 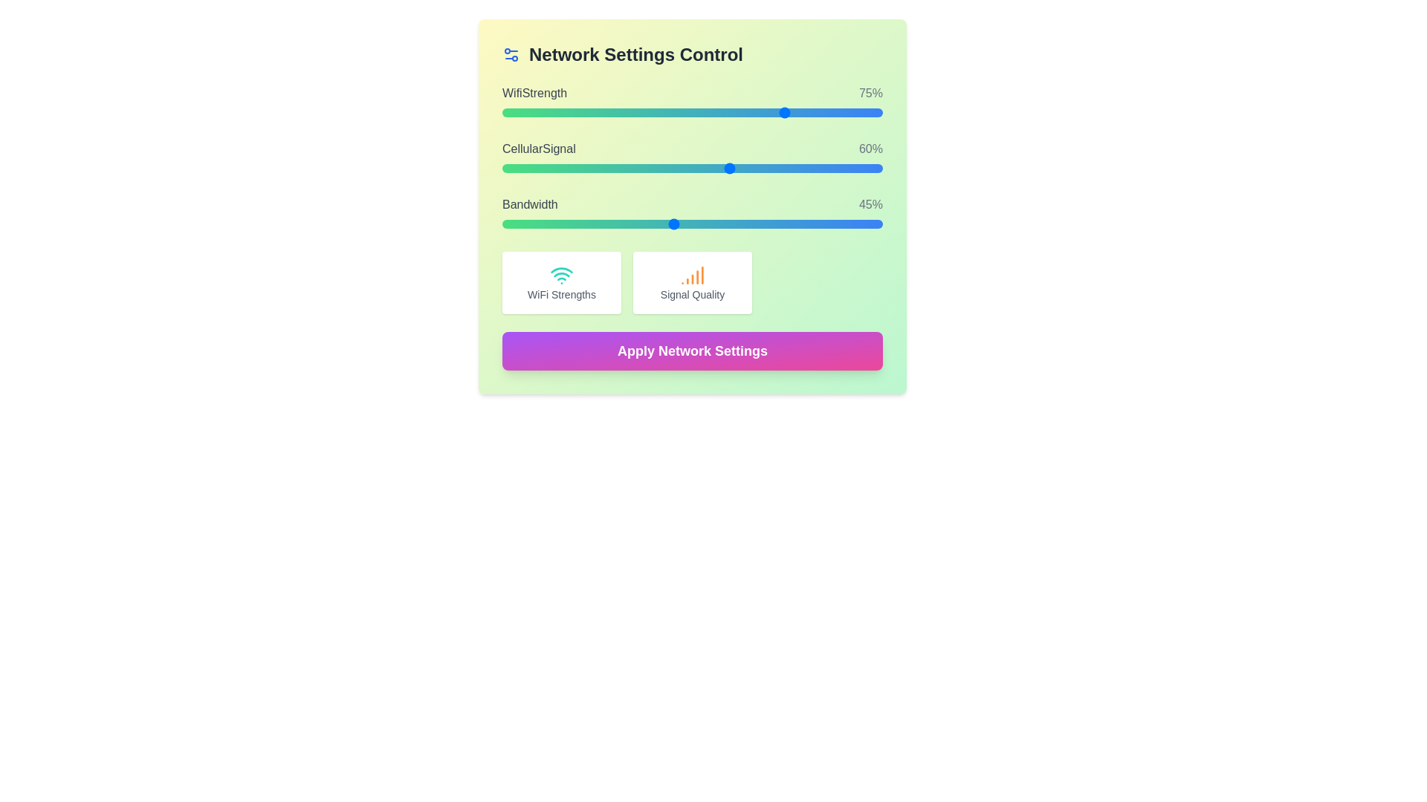 I want to click on the signal strength quality icon located in the 'Signal Quality' box within the 'Network Settings Control' card, so click(x=691, y=275).